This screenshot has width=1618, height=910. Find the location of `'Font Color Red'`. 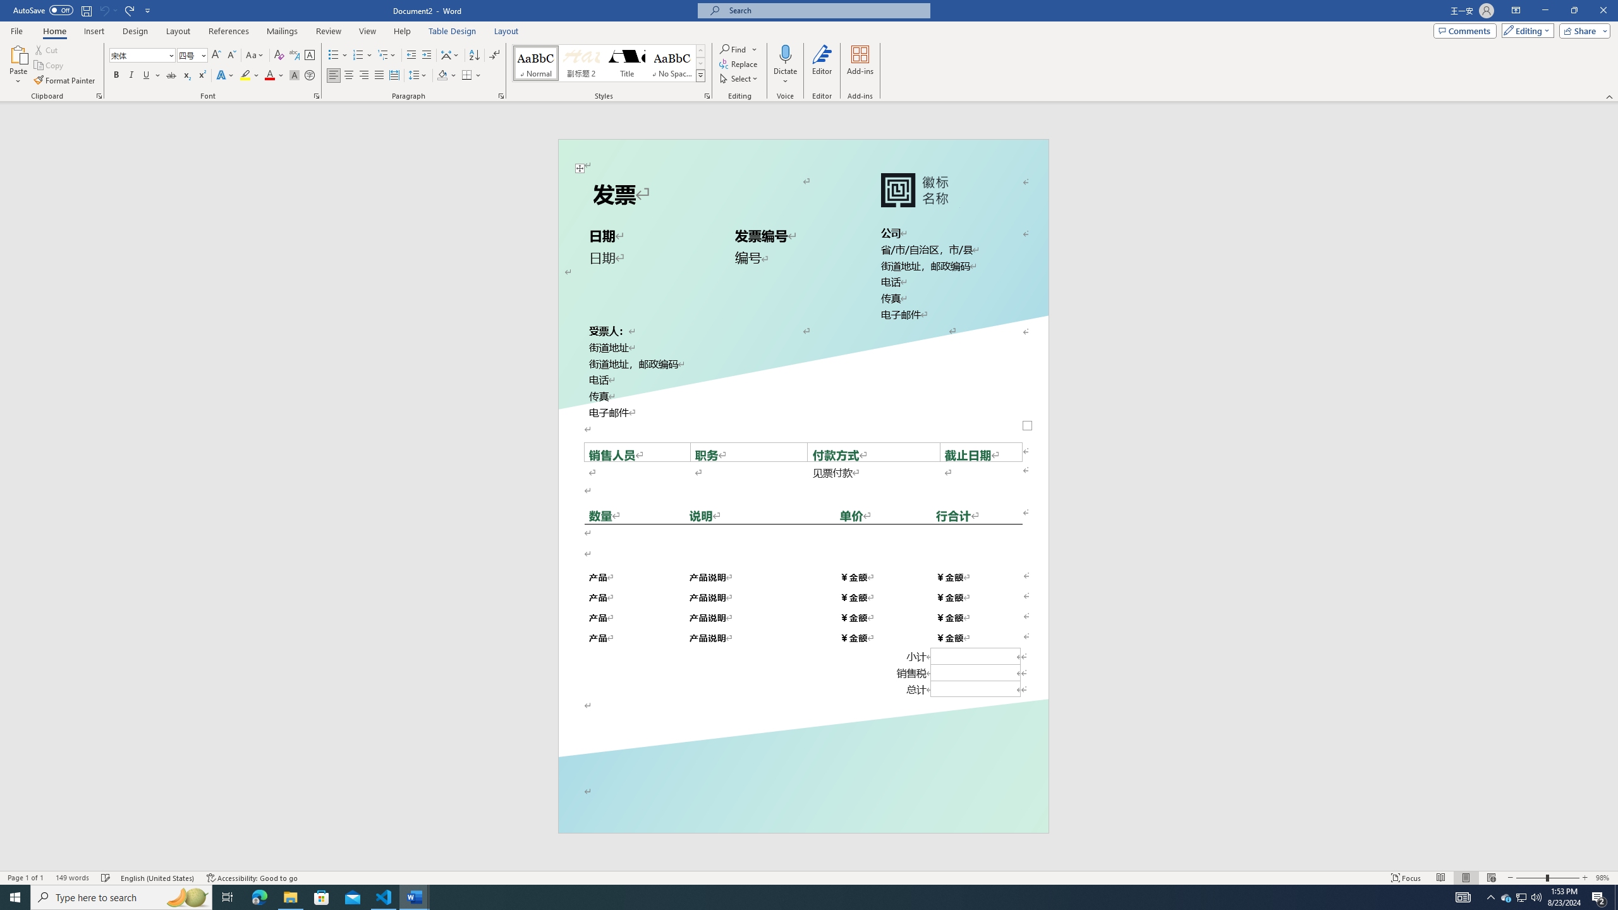

'Font Color Red' is located at coordinates (269, 75).